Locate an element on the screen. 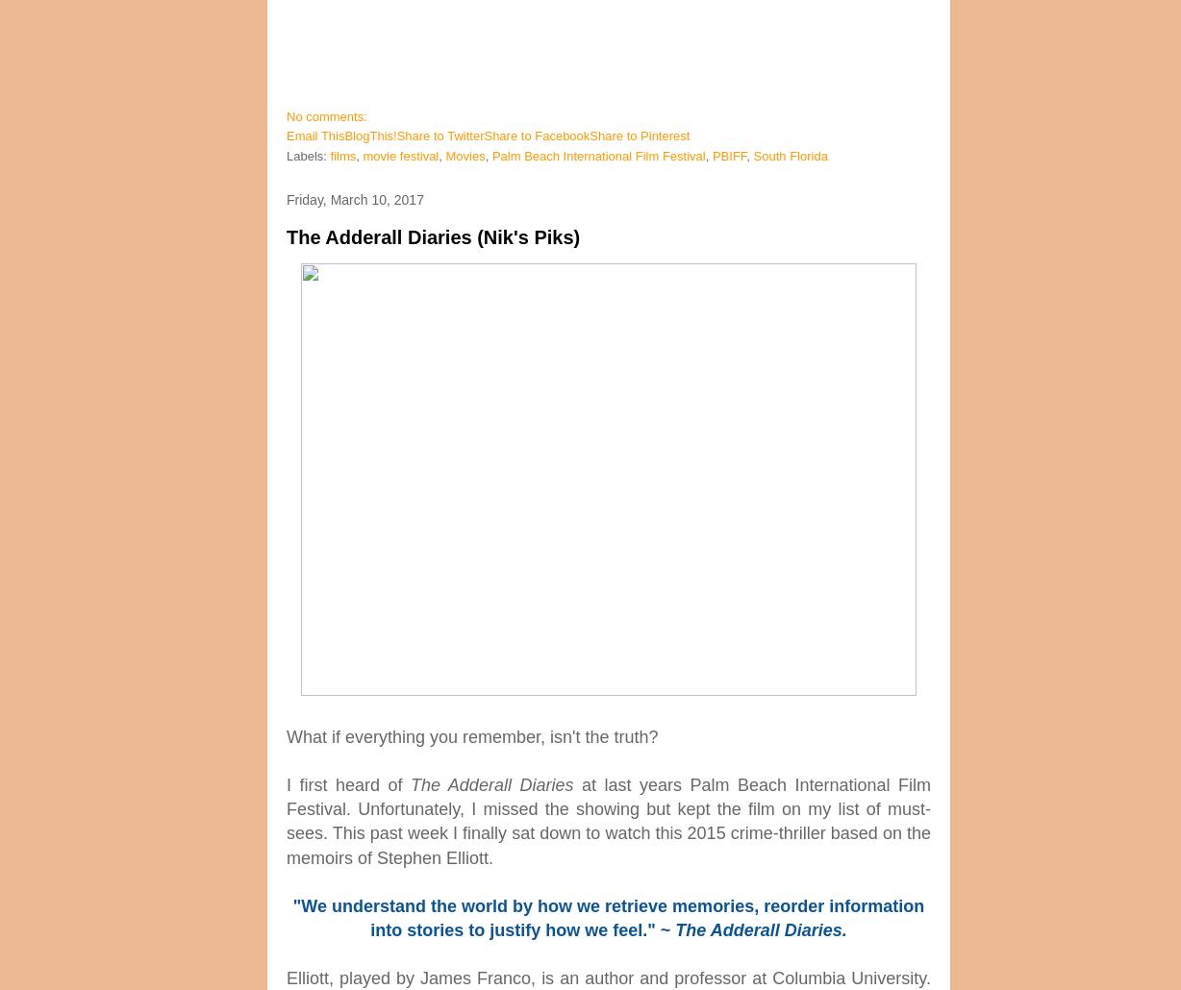 The height and width of the screenshot is (990, 1181). 'Share to Twitter' is located at coordinates (440, 135).